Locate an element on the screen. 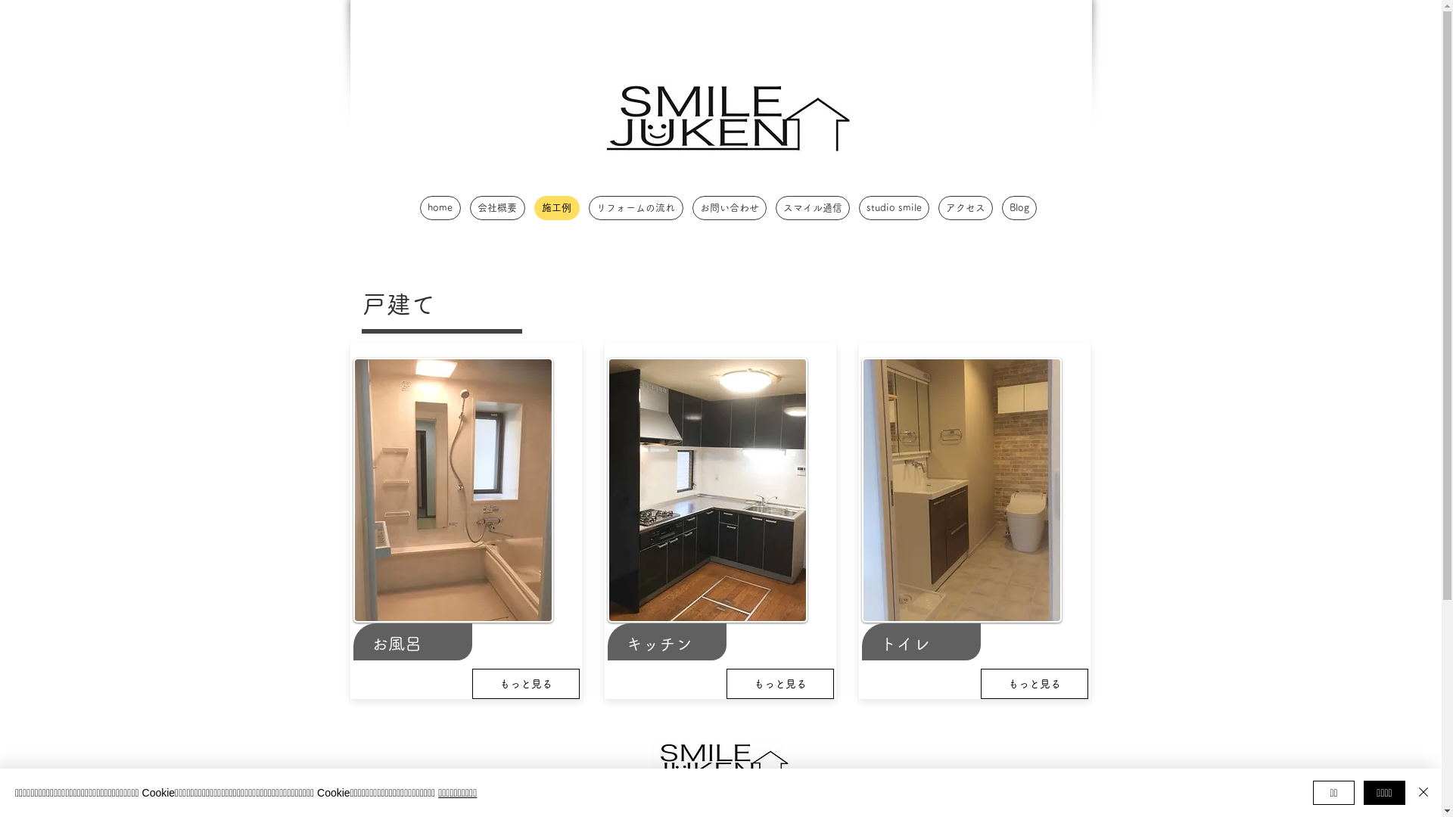 The width and height of the screenshot is (1453, 817). 'home' is located at coordinates (418, 207).